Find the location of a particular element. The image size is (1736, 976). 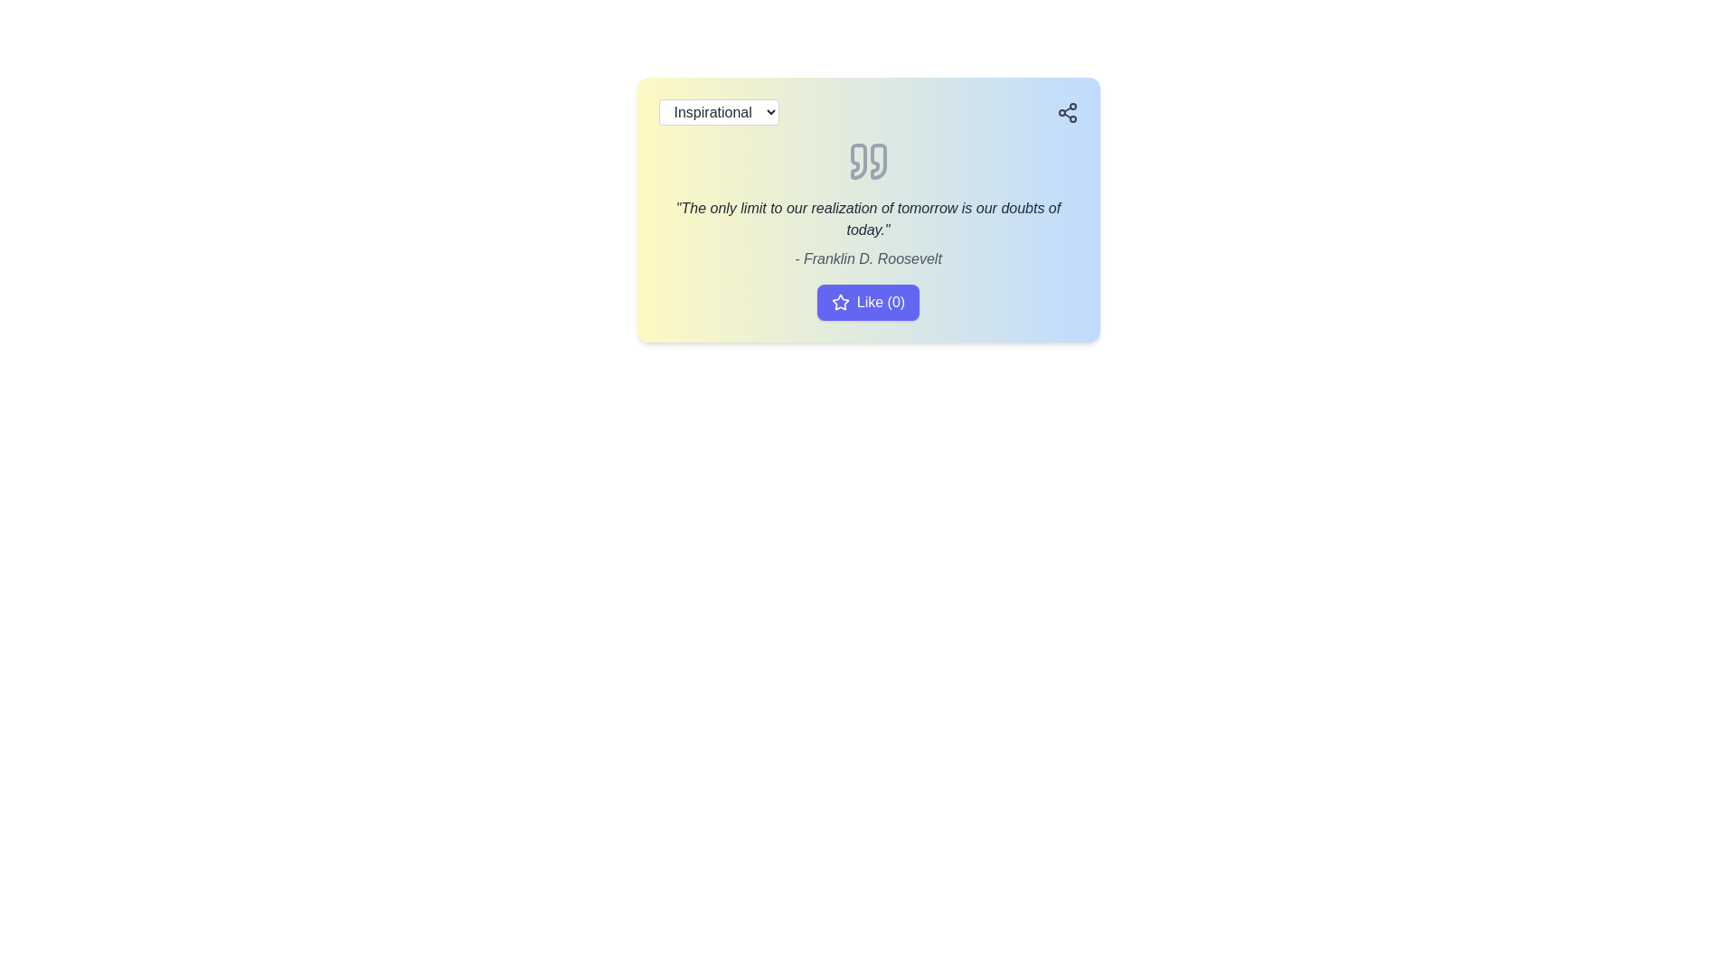

the Share/Connect icon located at the top-right corner of the card-like component is located at coordinates (1067, 112).